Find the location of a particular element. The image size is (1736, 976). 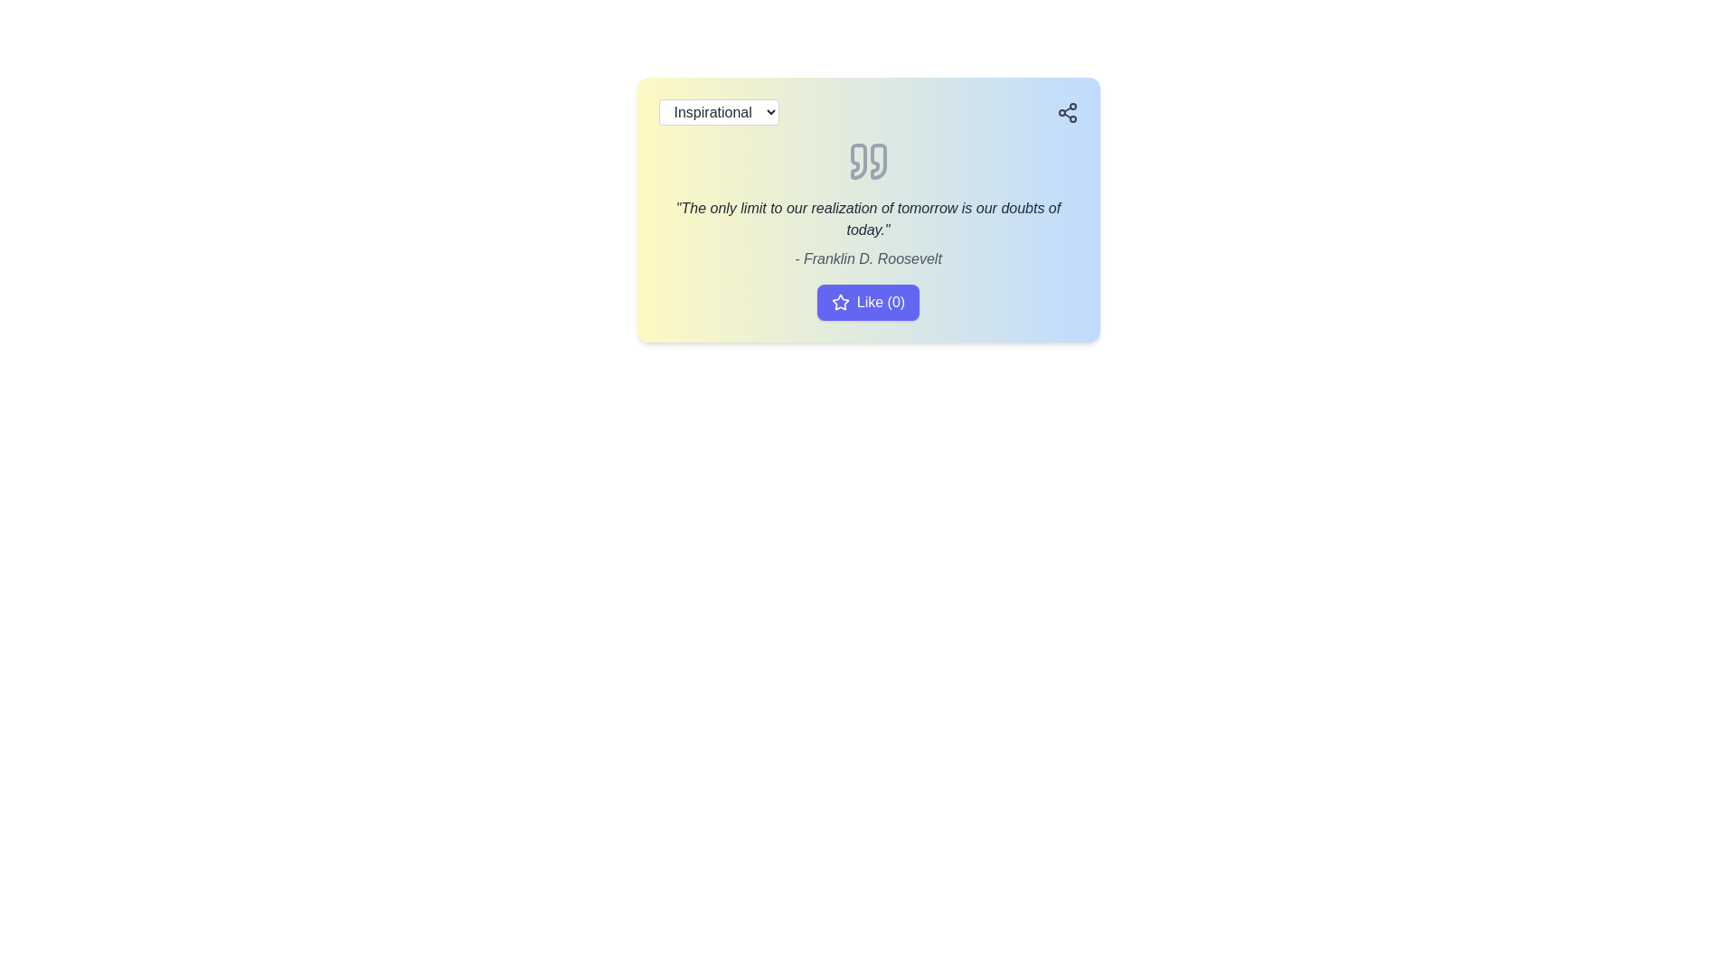

the Share/Connect icon located at the top-right corner of the card-like component is located at coordinates (1067, 112).